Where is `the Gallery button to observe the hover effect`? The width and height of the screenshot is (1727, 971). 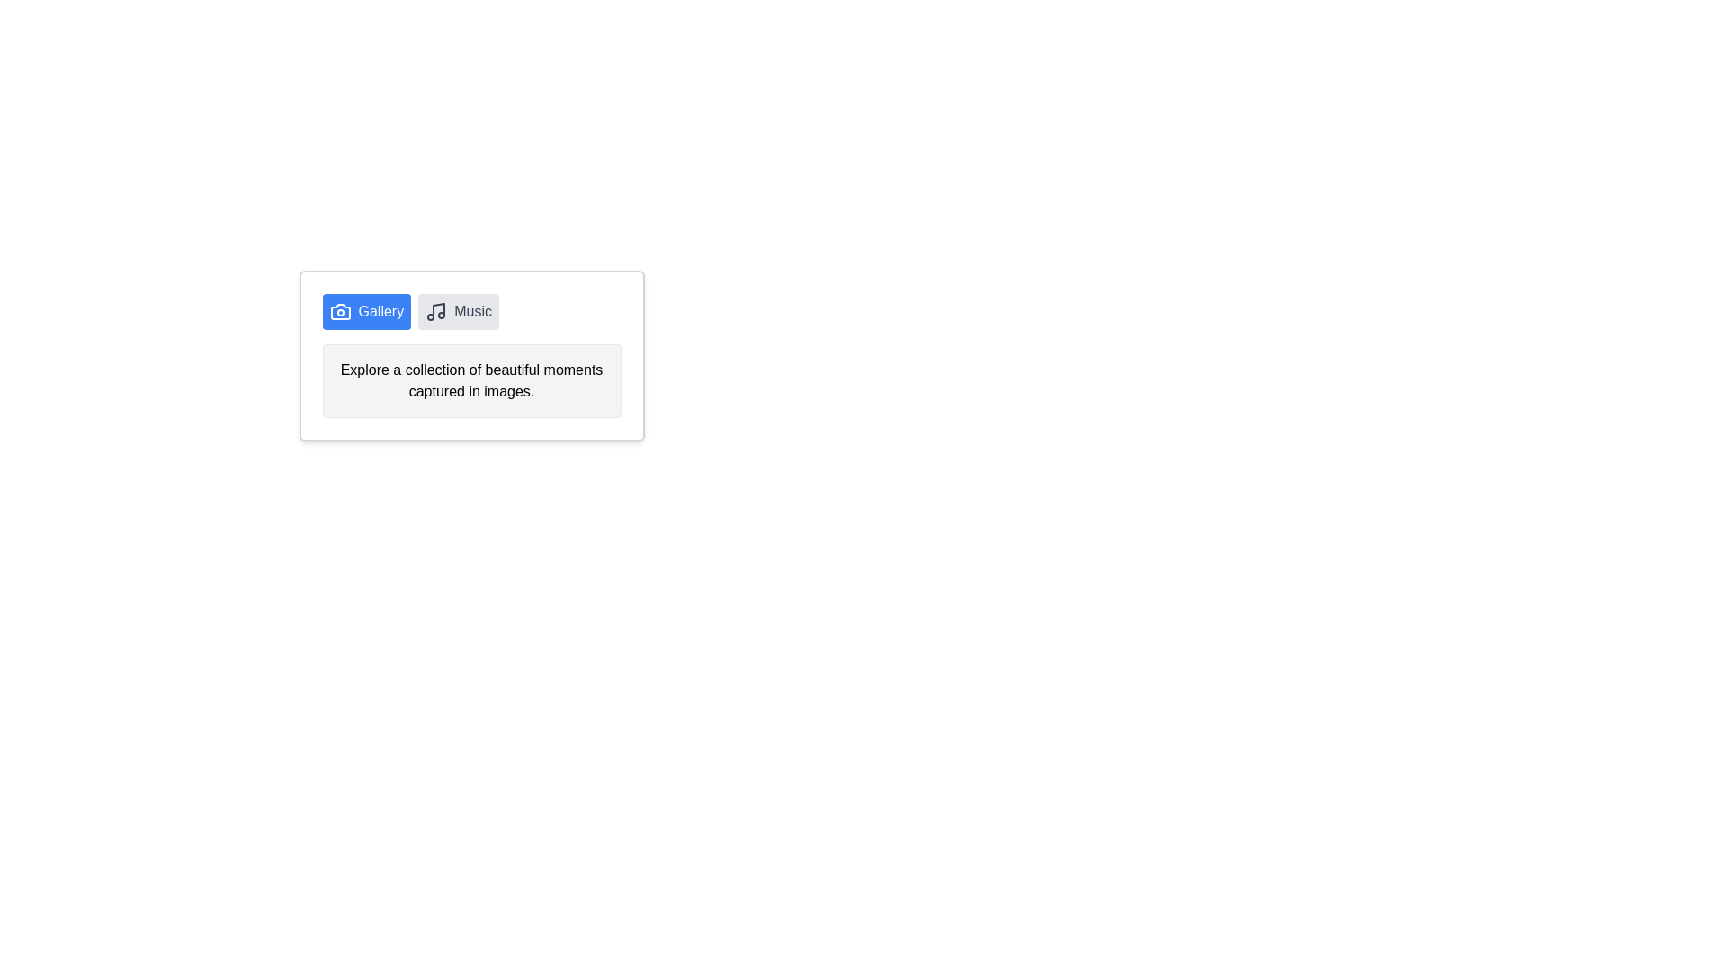
the Gallery button to observe the hover effect is located at coordinates (365, 311).